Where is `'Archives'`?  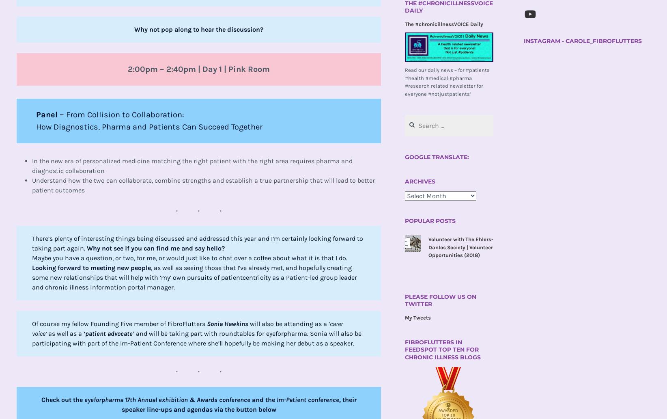 'Archives' is located at coordinates (420, 181).